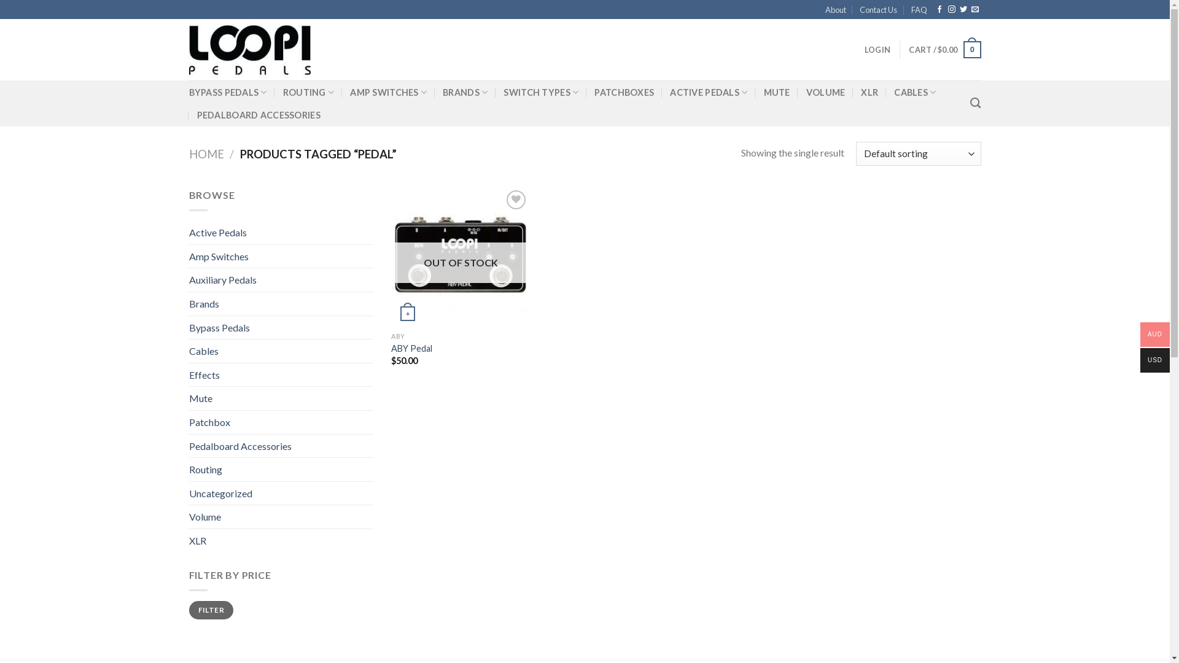  Describe the element at coordinates (188, 374) in the screenshot. I see `'Effects'` at that location.